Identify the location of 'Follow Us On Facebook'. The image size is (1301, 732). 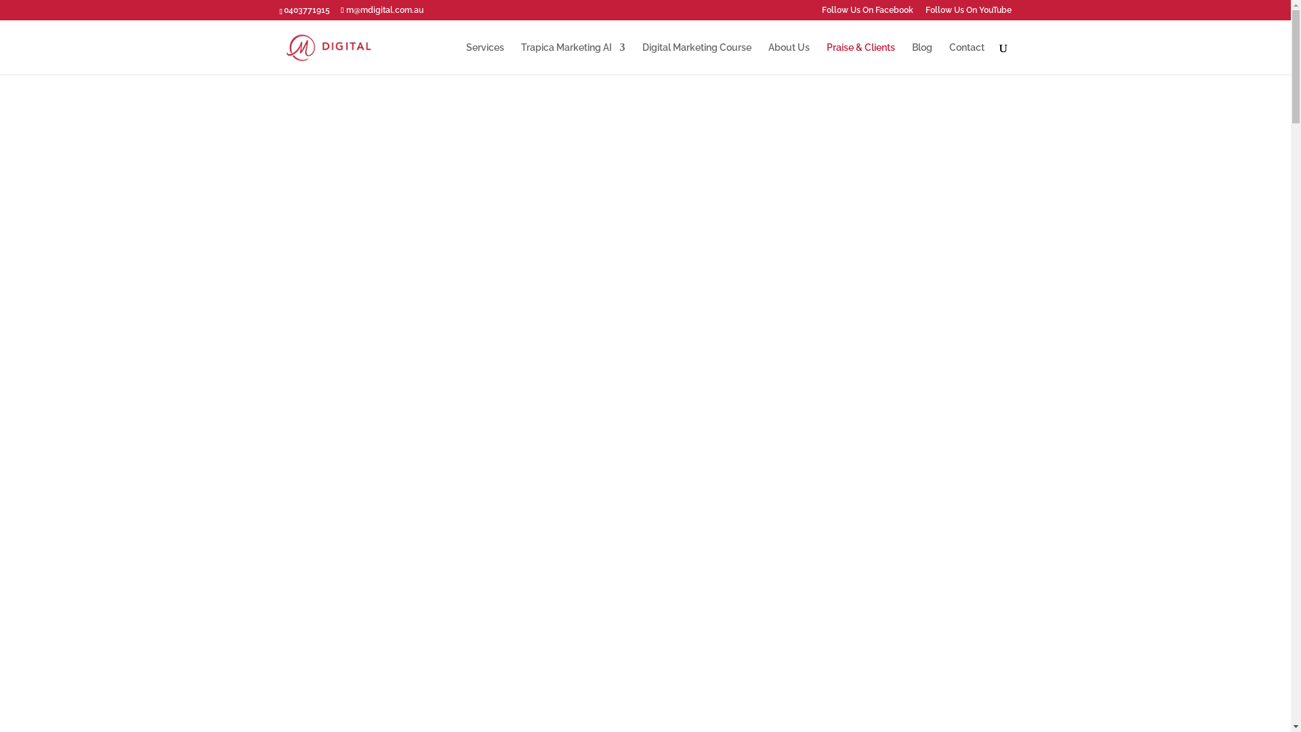
(866, 13).